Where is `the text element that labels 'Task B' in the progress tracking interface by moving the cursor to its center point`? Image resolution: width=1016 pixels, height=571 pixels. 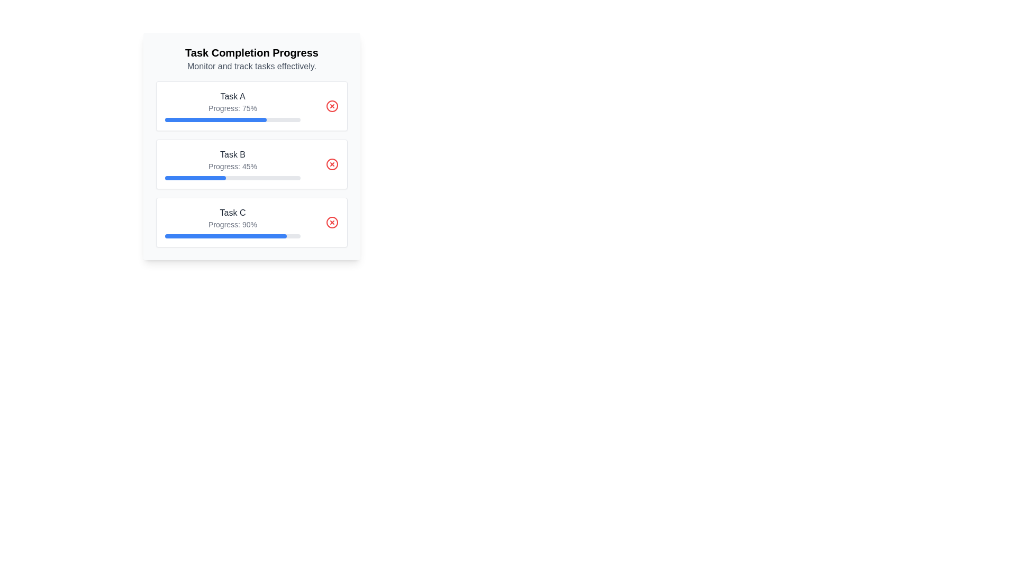
the text element that labels 'Task B' in the progress tracking interface by moving the cursor to its center point is located at coordinates (232, 155).